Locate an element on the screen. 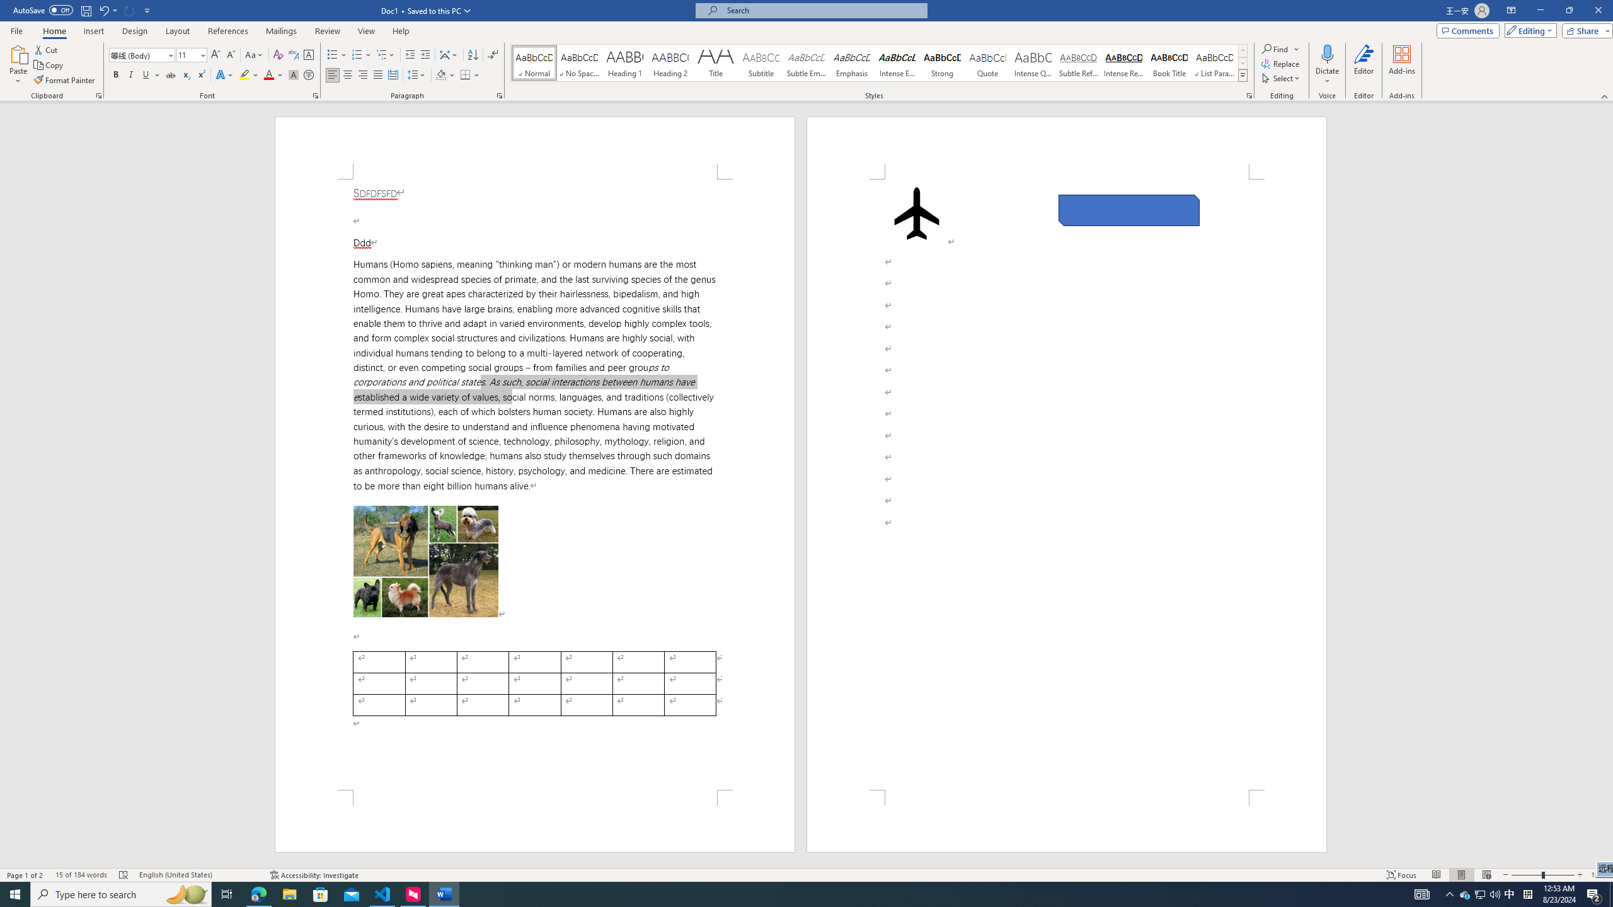 The width and height of the screenshot is (1613, 907). 'Strikethrough' is located at coordinates (170, 74).